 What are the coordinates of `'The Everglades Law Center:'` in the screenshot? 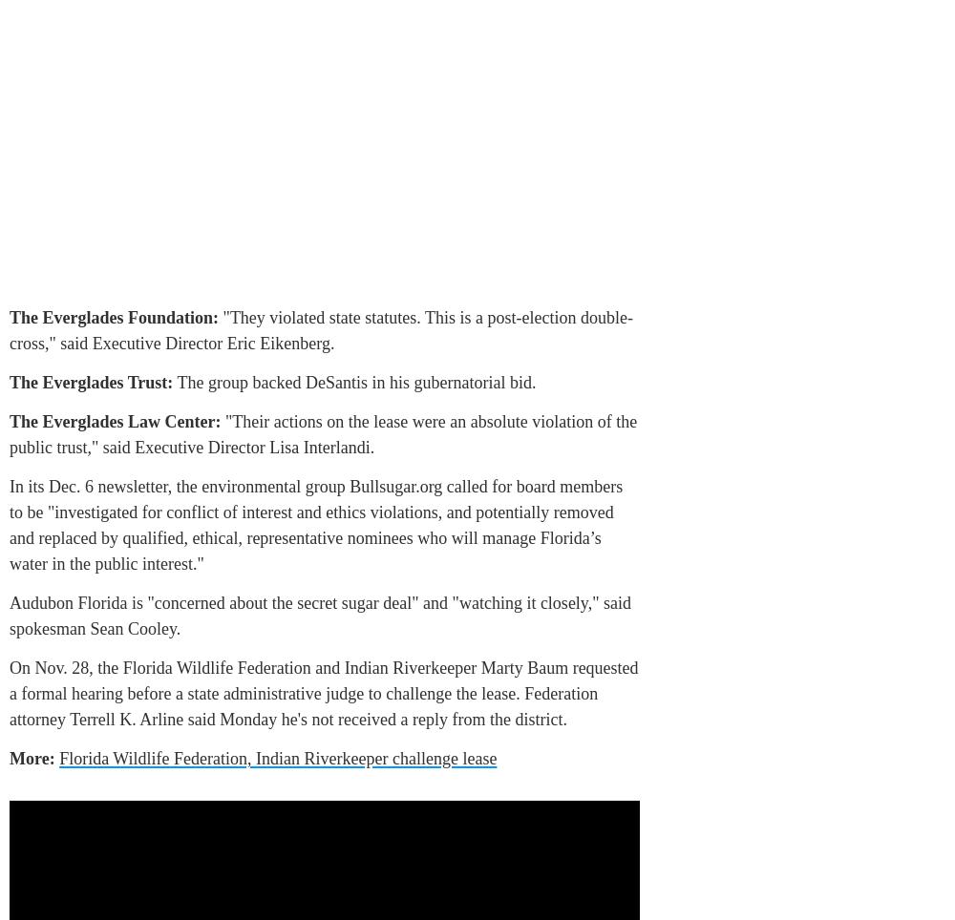 It's located at (116, 420).